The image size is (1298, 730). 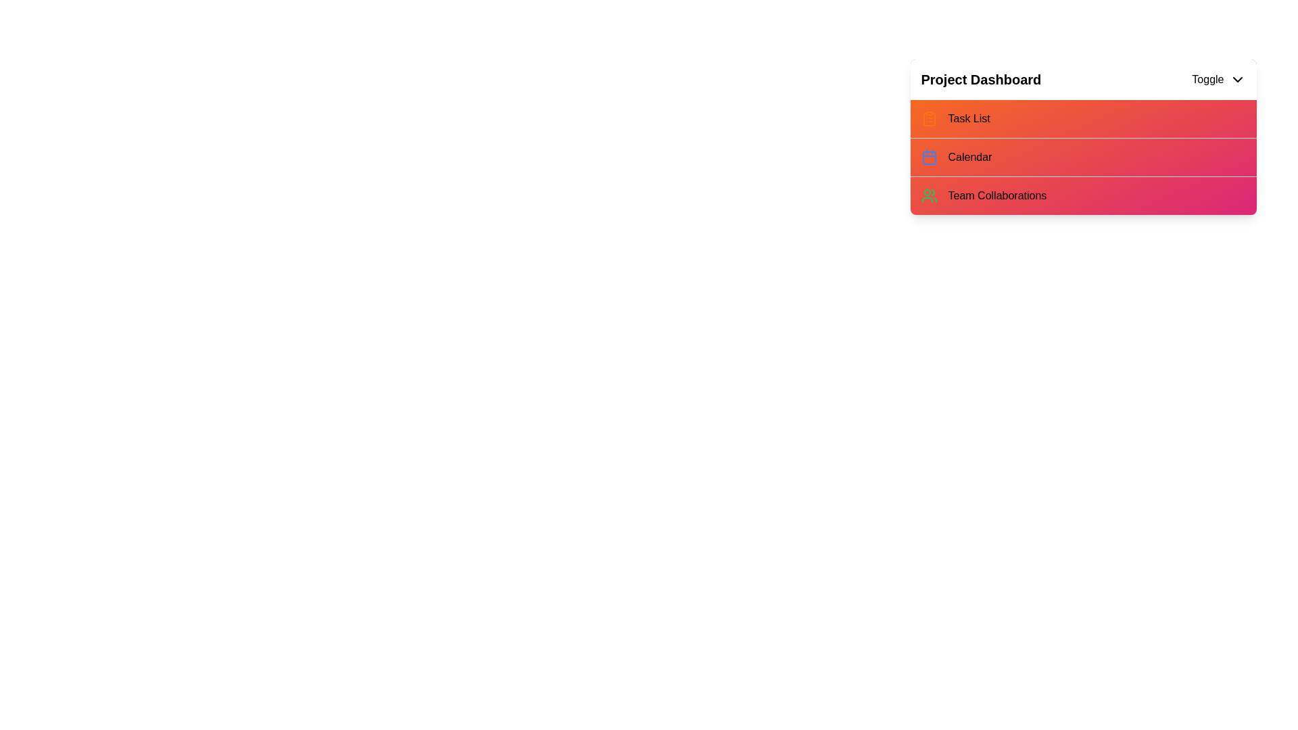 I want to click on the menu item Task List to highlight it, so click(x=947, y=118).